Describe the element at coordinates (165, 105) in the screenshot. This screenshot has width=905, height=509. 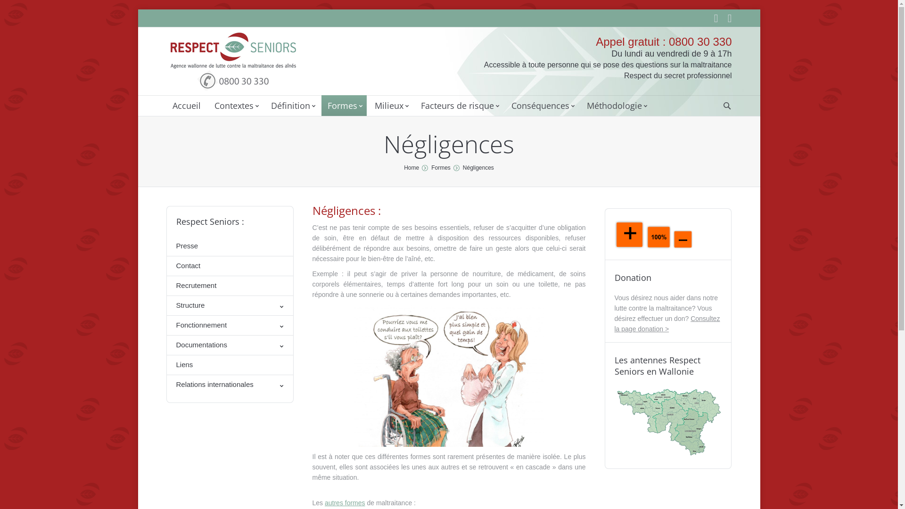
I see `'Accueil'` at that location.